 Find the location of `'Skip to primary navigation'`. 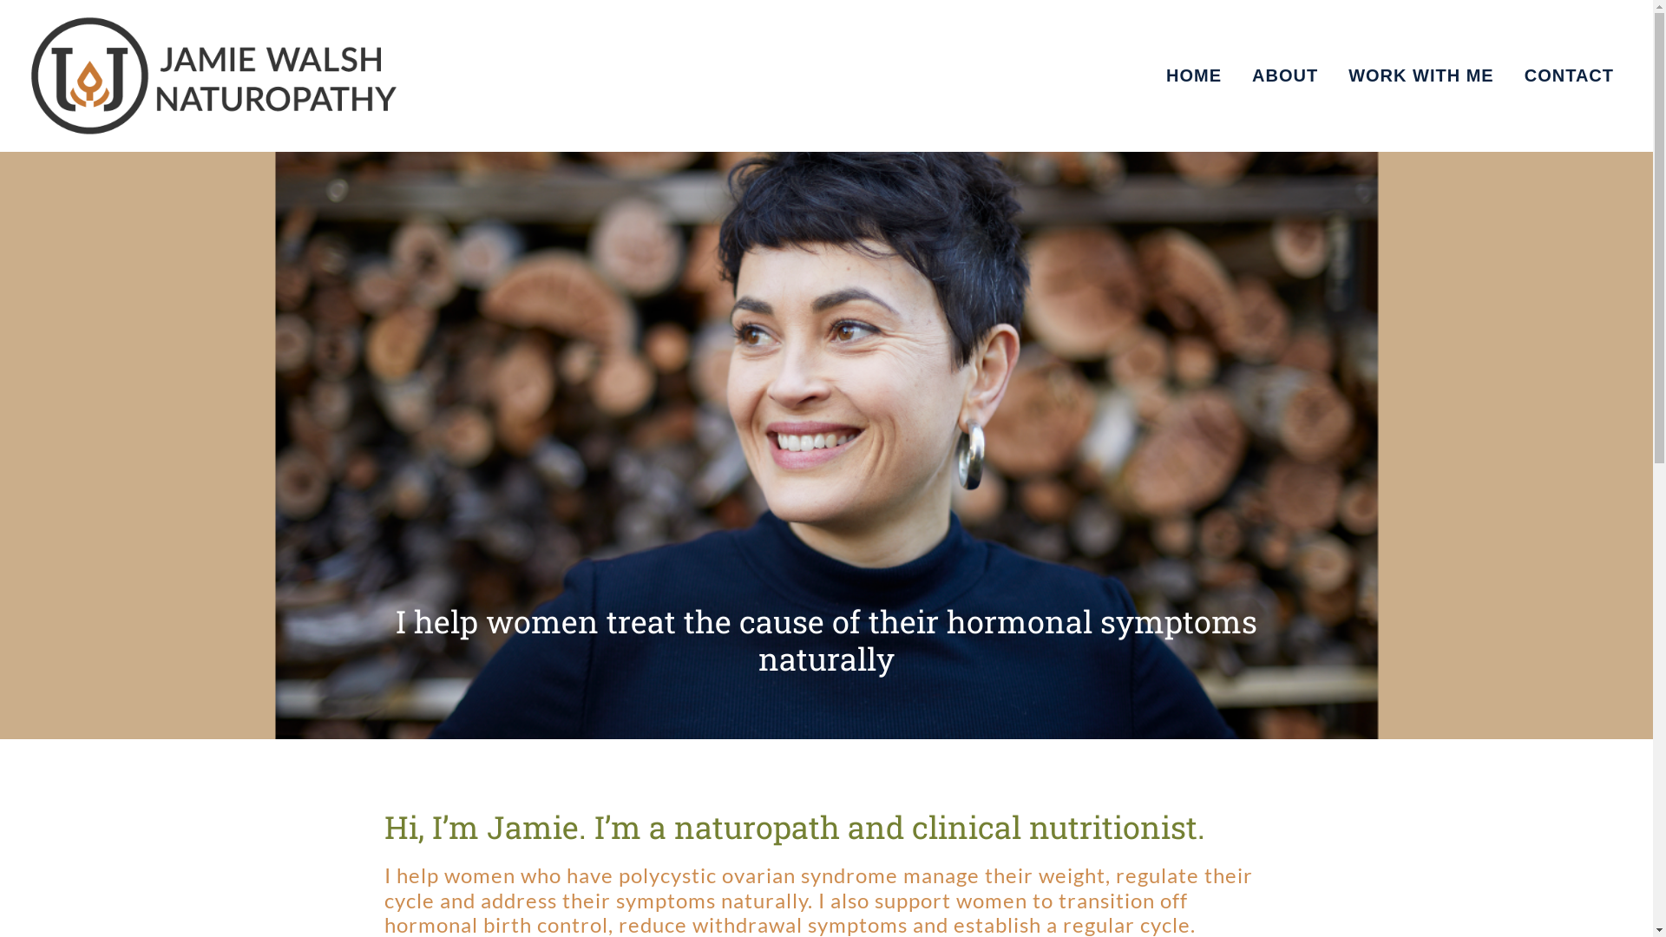

'Skip to primary navigation' is located at coordinates (0, 0).